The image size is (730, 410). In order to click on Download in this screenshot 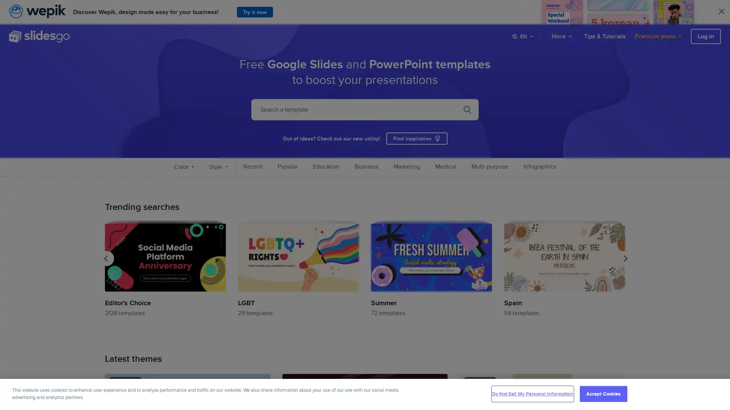, I will do `click(439, 394)`.